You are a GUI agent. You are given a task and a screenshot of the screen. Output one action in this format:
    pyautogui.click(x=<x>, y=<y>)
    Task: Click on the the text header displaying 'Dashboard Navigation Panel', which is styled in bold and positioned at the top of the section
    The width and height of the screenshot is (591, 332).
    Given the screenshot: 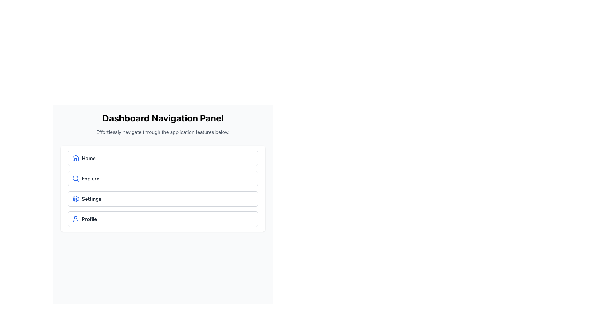 What is the action you would take?
    pyautogui.click(x=163, y=118)
    